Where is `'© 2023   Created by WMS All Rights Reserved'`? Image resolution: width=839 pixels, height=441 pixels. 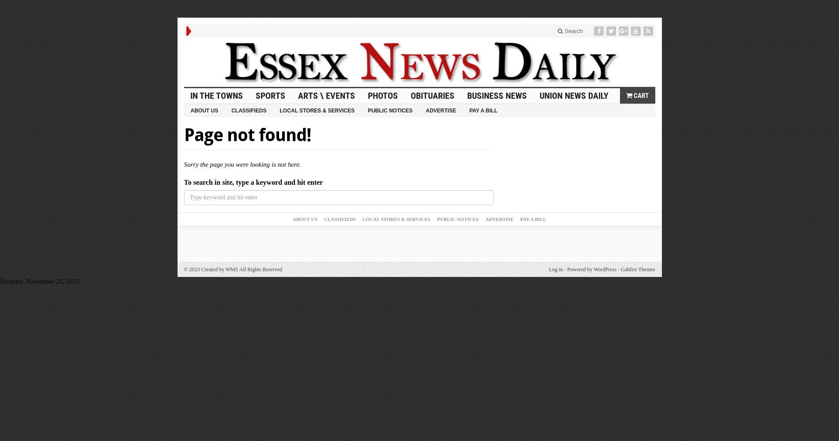
'© 2023   Created by WMS All Rights Reserved' is located at coordinates (233, 269).